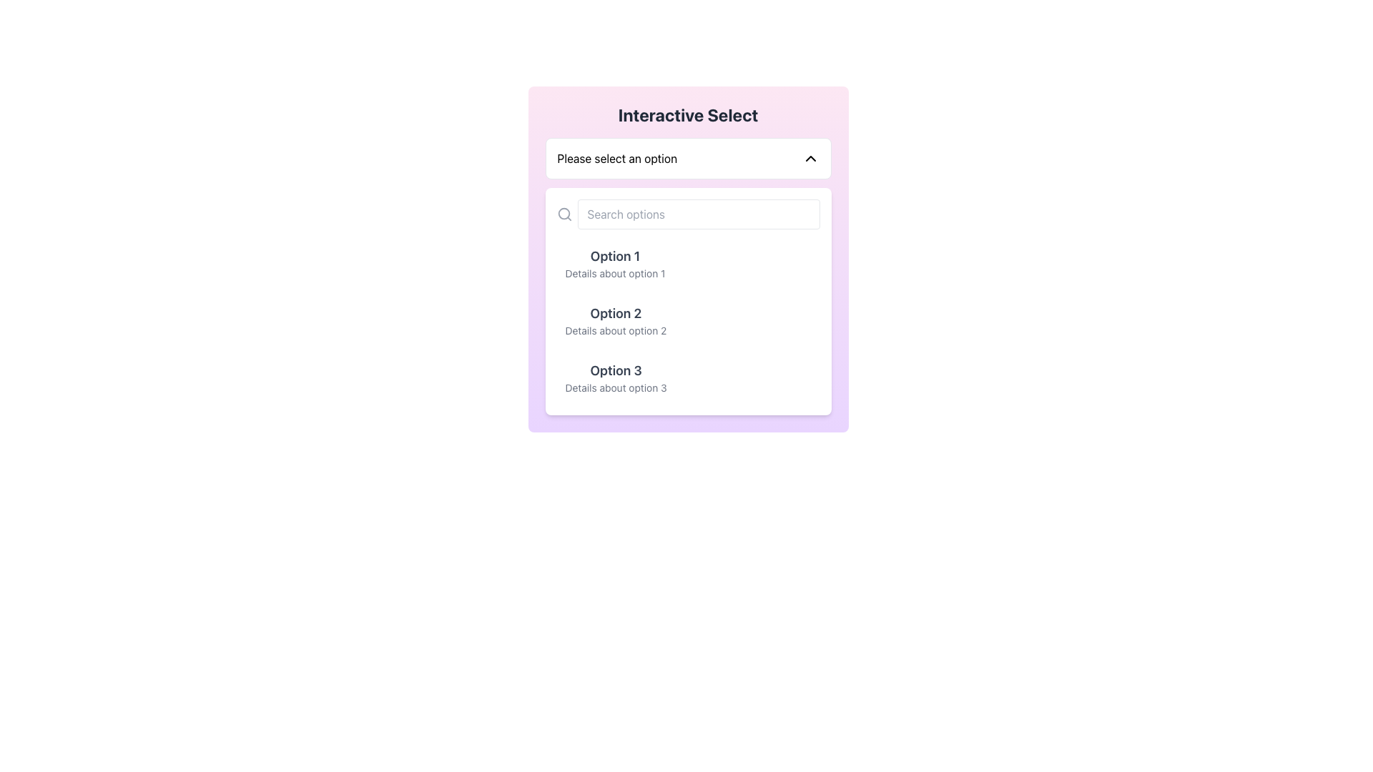  Describe the element at coordinates (688, 214) in the screenshot. I see `the search input field located below the dropdown menu labeled 'Please select an option' to focus it` at that location.